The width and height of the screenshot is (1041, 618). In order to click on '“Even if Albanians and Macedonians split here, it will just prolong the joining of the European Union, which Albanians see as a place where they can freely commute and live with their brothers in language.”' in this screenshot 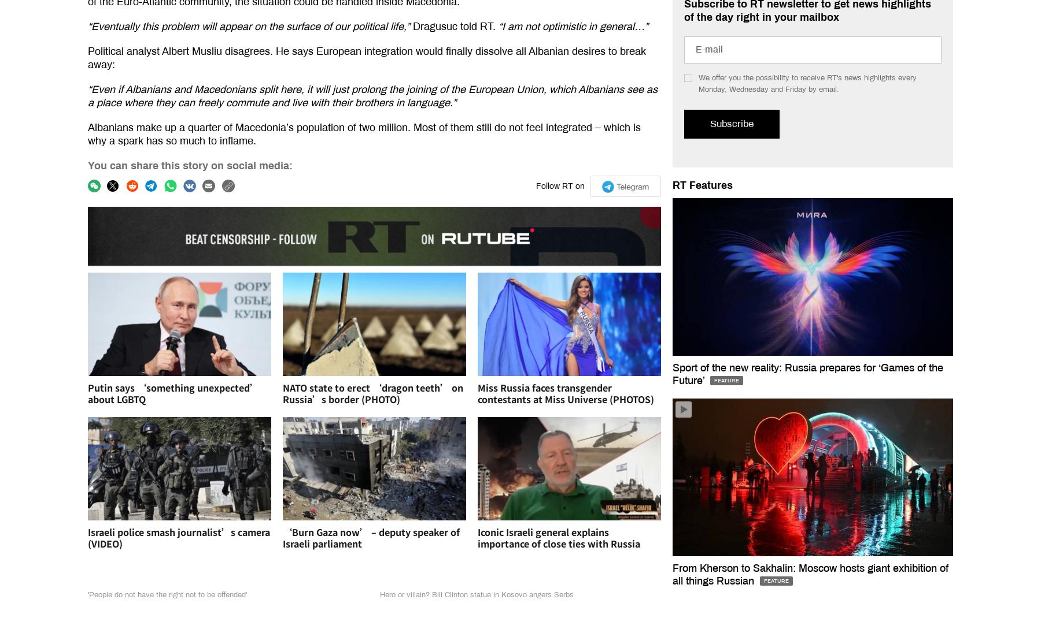, I will do `click(372, 96)`.